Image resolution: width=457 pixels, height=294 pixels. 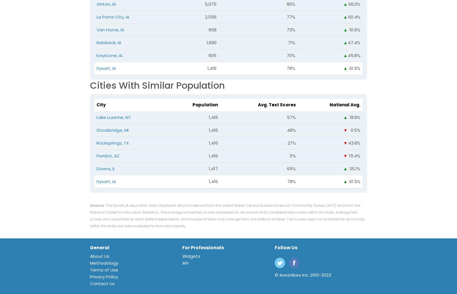 I want to click on '1,690', so click(x=207, y=42).